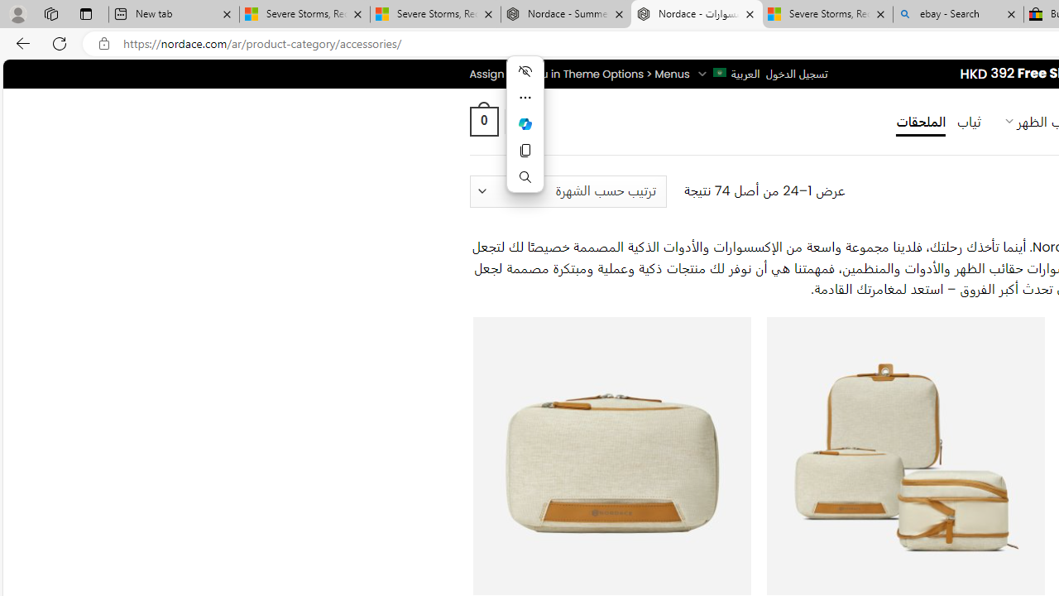 This screenshot has height=596, width=1059. Describe the element at coordinates (579, 73) in the screenshot. I see `'Assign a menu in Theme Options > Menus'` at that location.